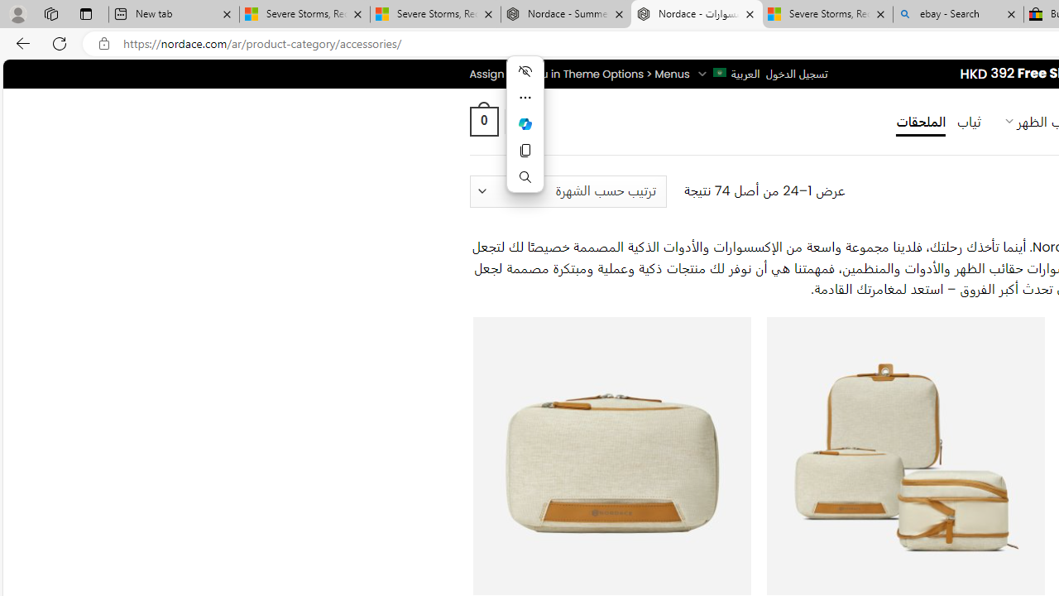 This screenshot has height=596, width=1059. Describe the element at coordinates (579, 73) in the screenshot. I see `'Assign a menu in Theme Options > Menus'` at that location.